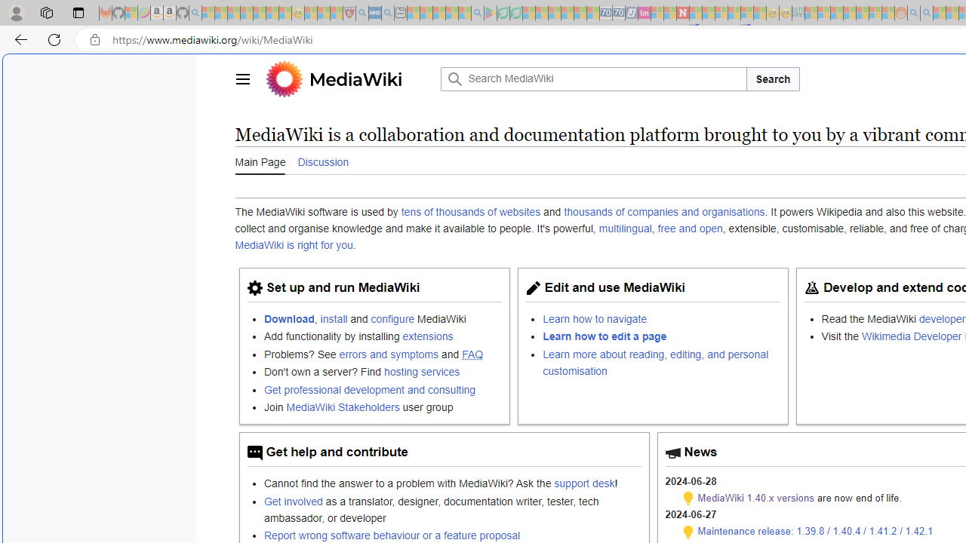  Describe the element at coordinates (470, 212) in the screenshot. I see `'tens of thousands of websites'` at that location.